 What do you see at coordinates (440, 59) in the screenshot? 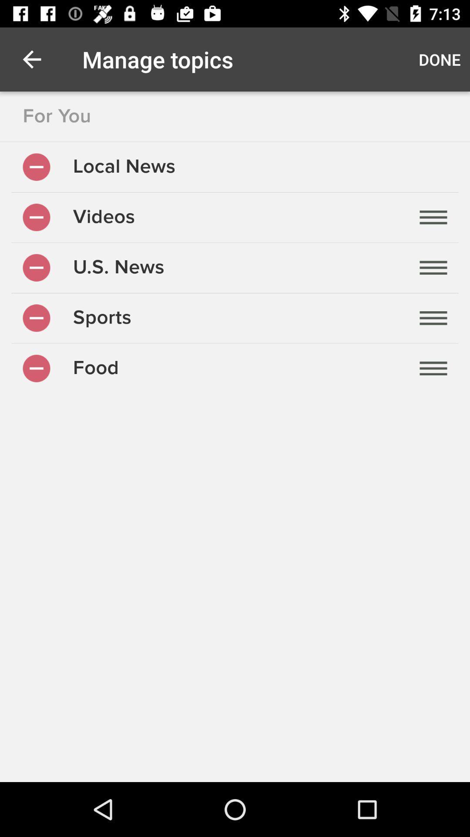
I see `the done` at bounding box center [440, 59].